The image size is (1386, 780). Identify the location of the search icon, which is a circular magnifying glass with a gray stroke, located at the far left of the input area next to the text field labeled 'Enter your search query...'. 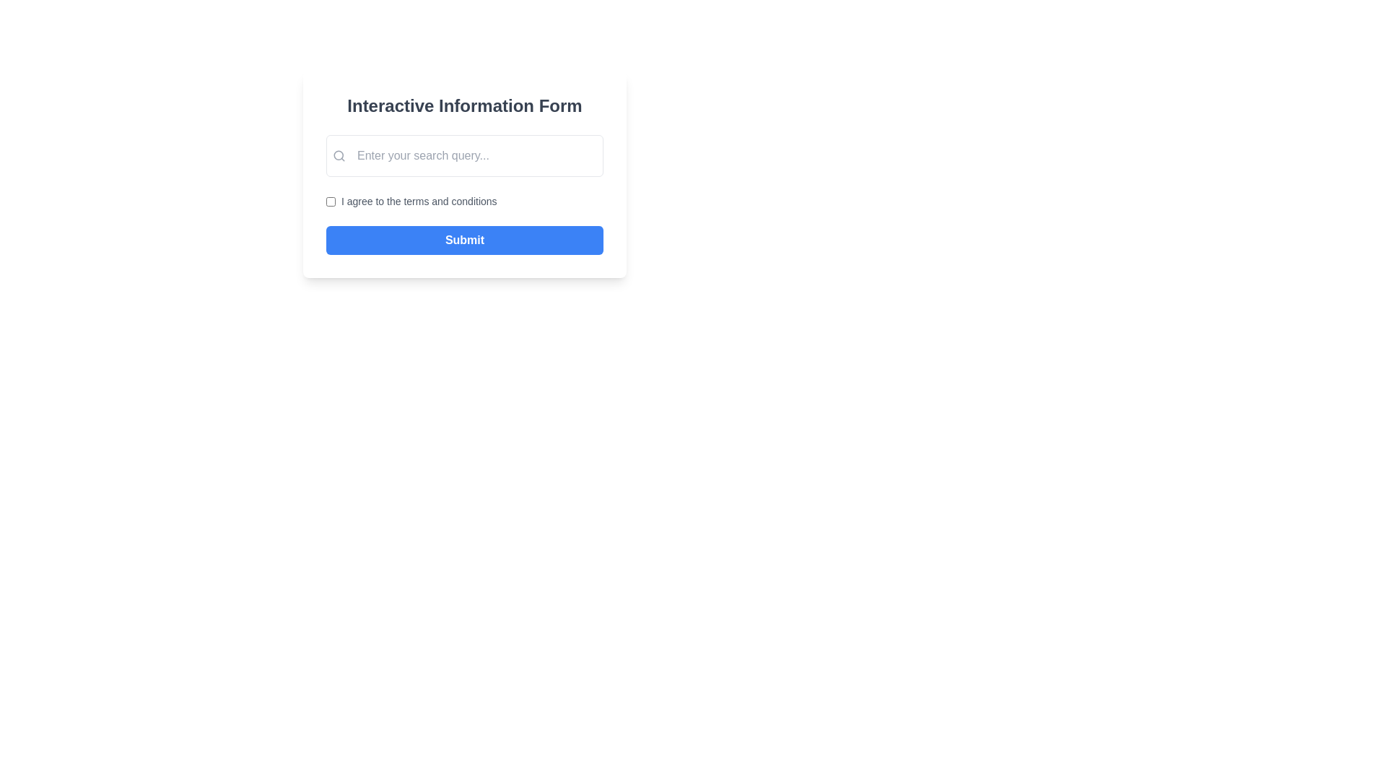
(339, 156).